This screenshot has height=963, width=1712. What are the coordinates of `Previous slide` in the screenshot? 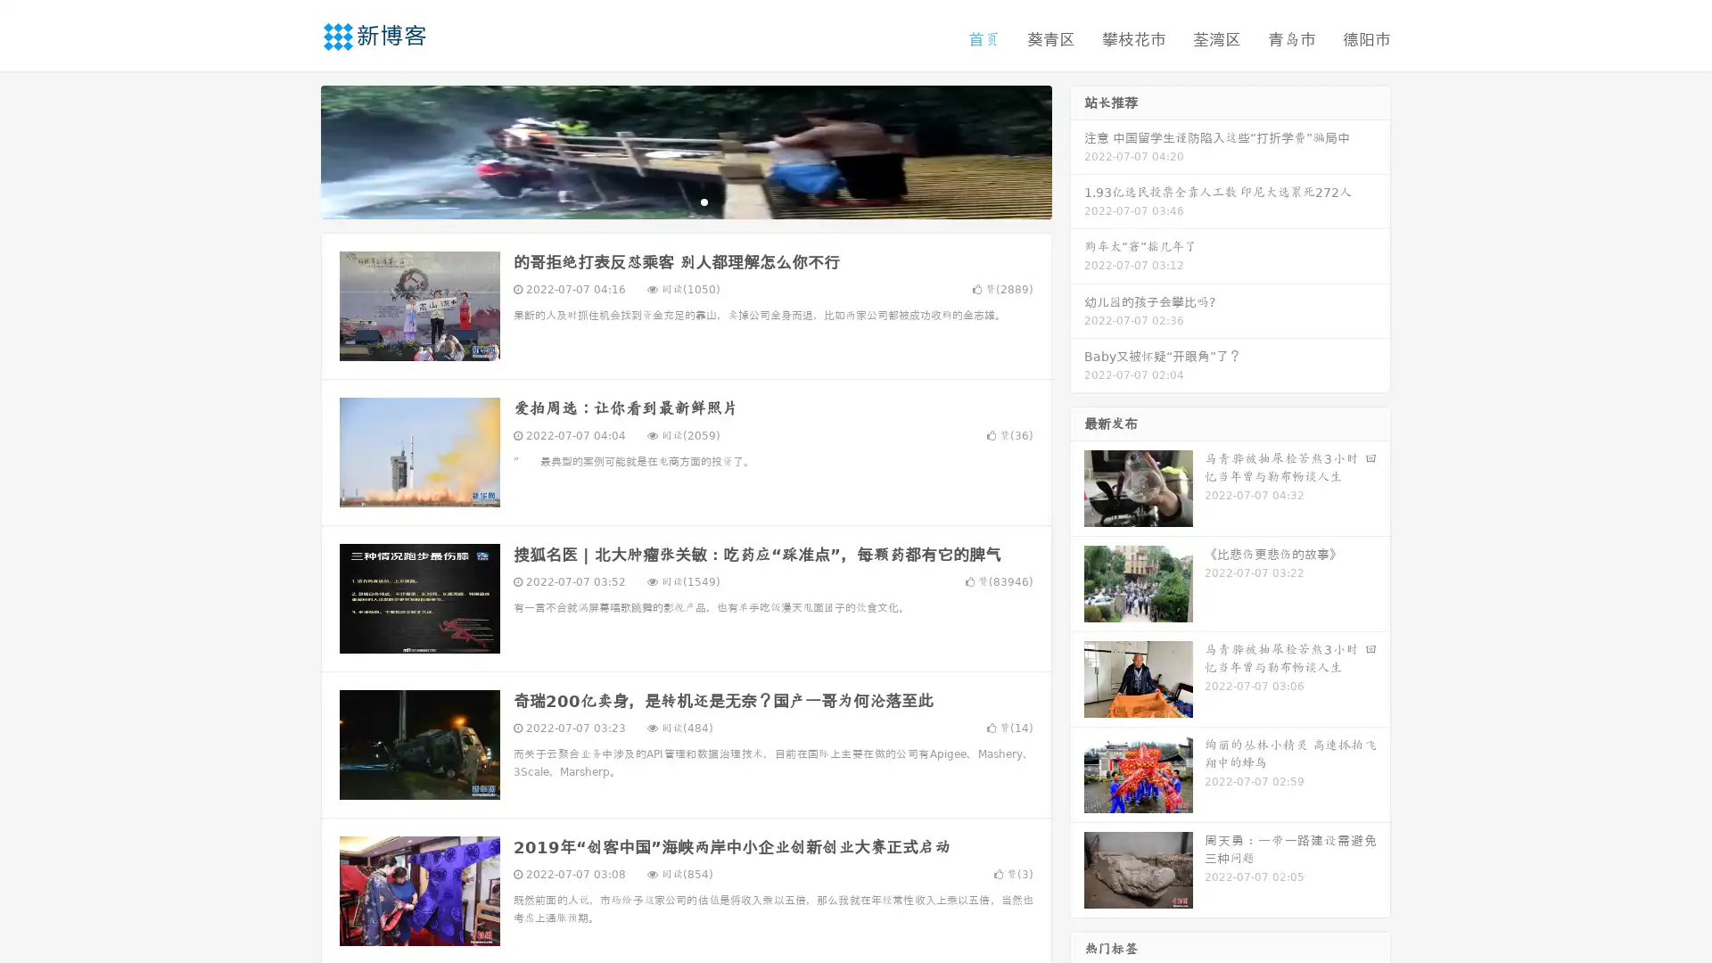 It's located at (294, 150).